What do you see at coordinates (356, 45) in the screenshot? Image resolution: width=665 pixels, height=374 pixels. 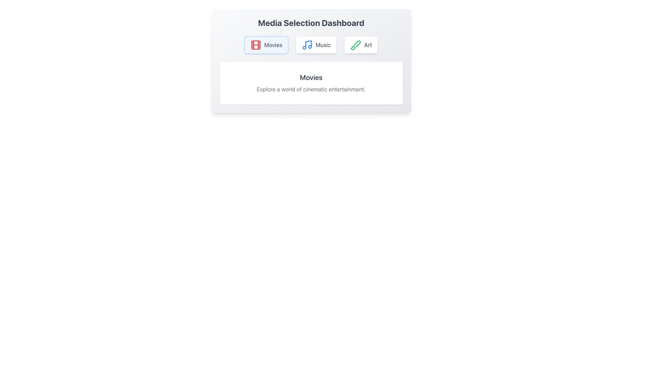 I see `the brush icon representing the 'Art' category located at the top section of the dashboard interface, which is the rightmost icon among three icons` at bounding box center [356, 45].